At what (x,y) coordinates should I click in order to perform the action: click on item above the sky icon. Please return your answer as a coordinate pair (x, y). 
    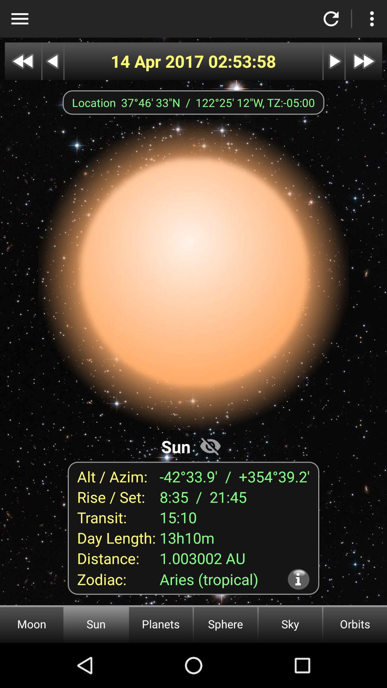
    Looking at the image, I should click on (298, 579).